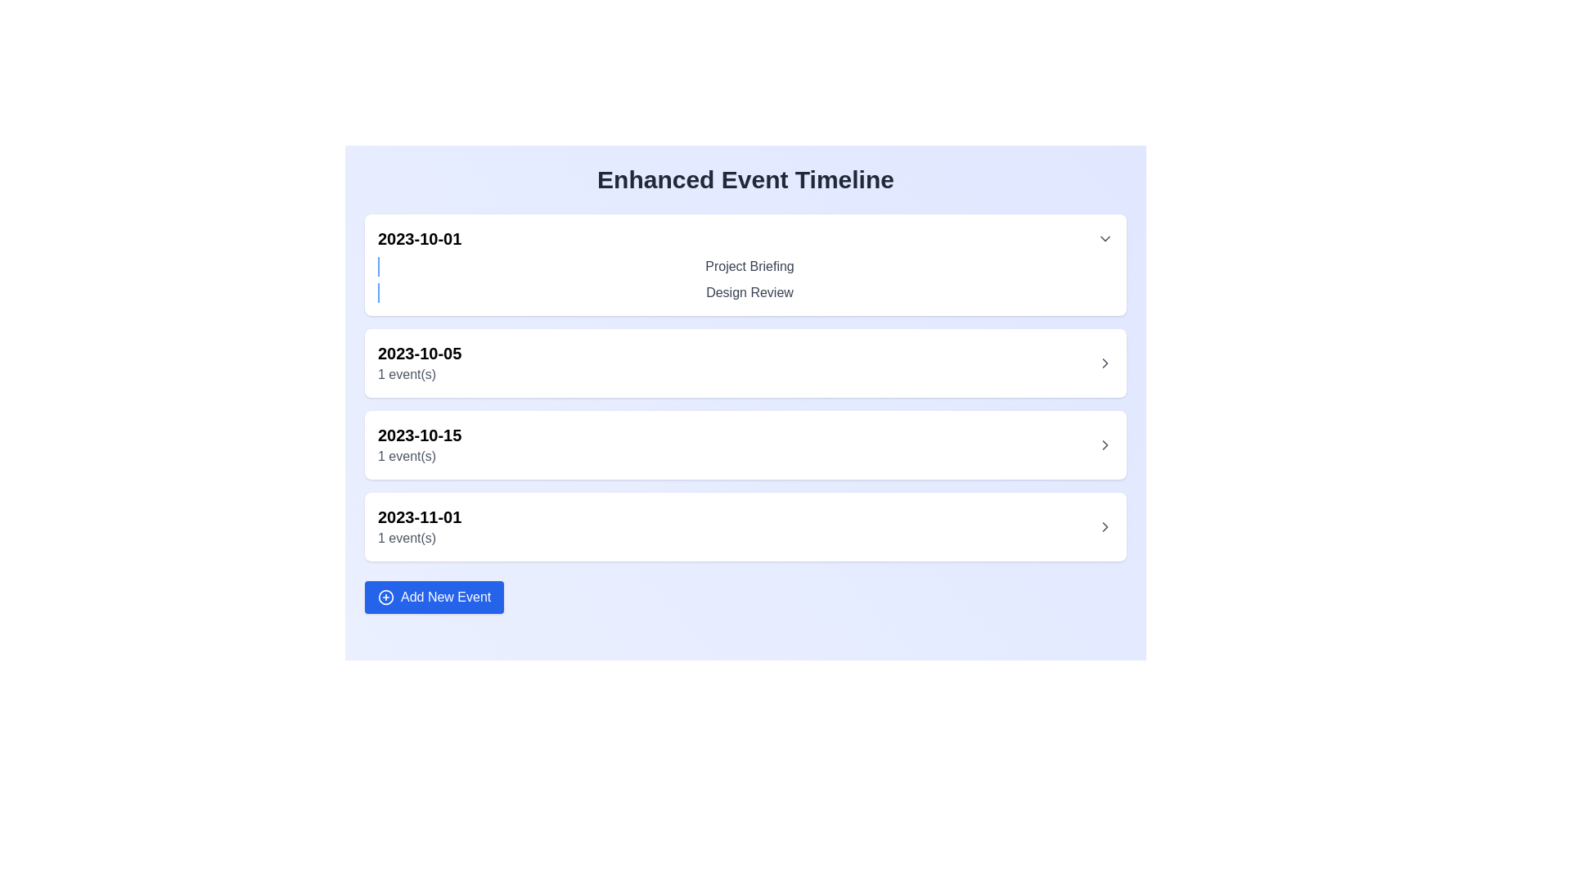  Describe the element at coordinates (434, 597) in the screenshot. I see `the rectangular button with a blue background and white text 'Add New Event'` at that location.